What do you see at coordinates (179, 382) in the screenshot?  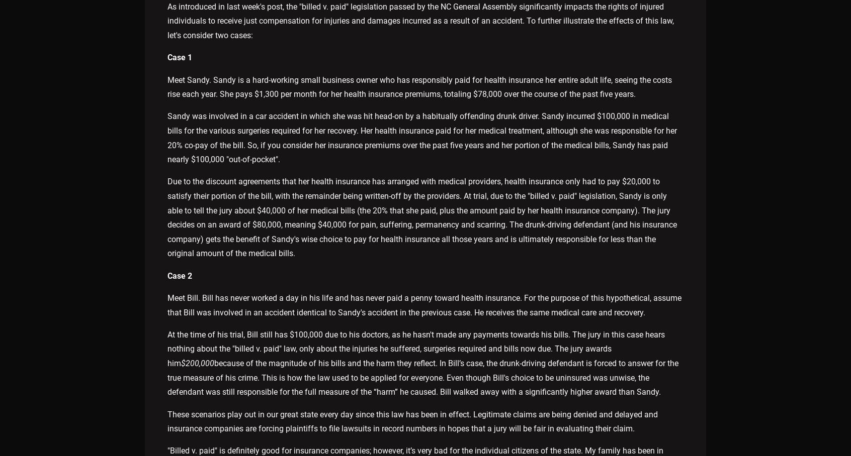 I see `'866-691-0607'` at bounding box center [179, 382].